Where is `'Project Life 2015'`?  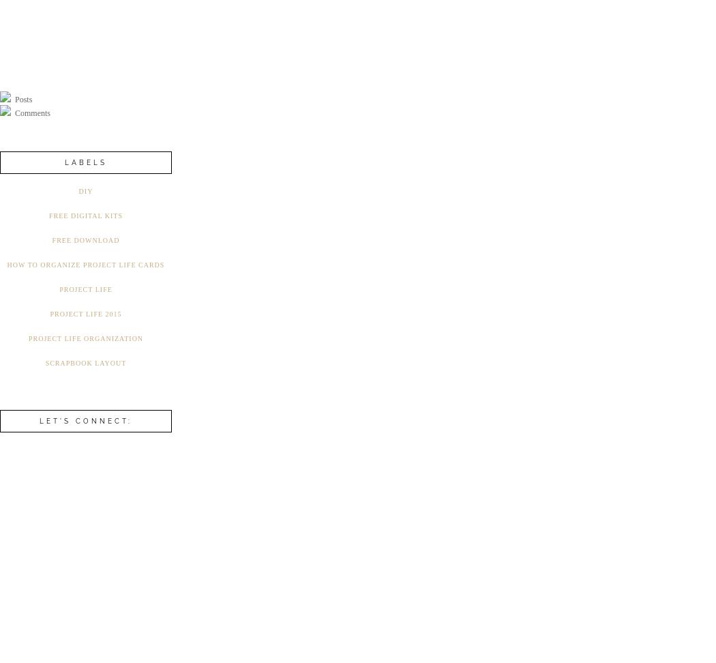 'Project Life 2015' is located at coordinates (48, 313).